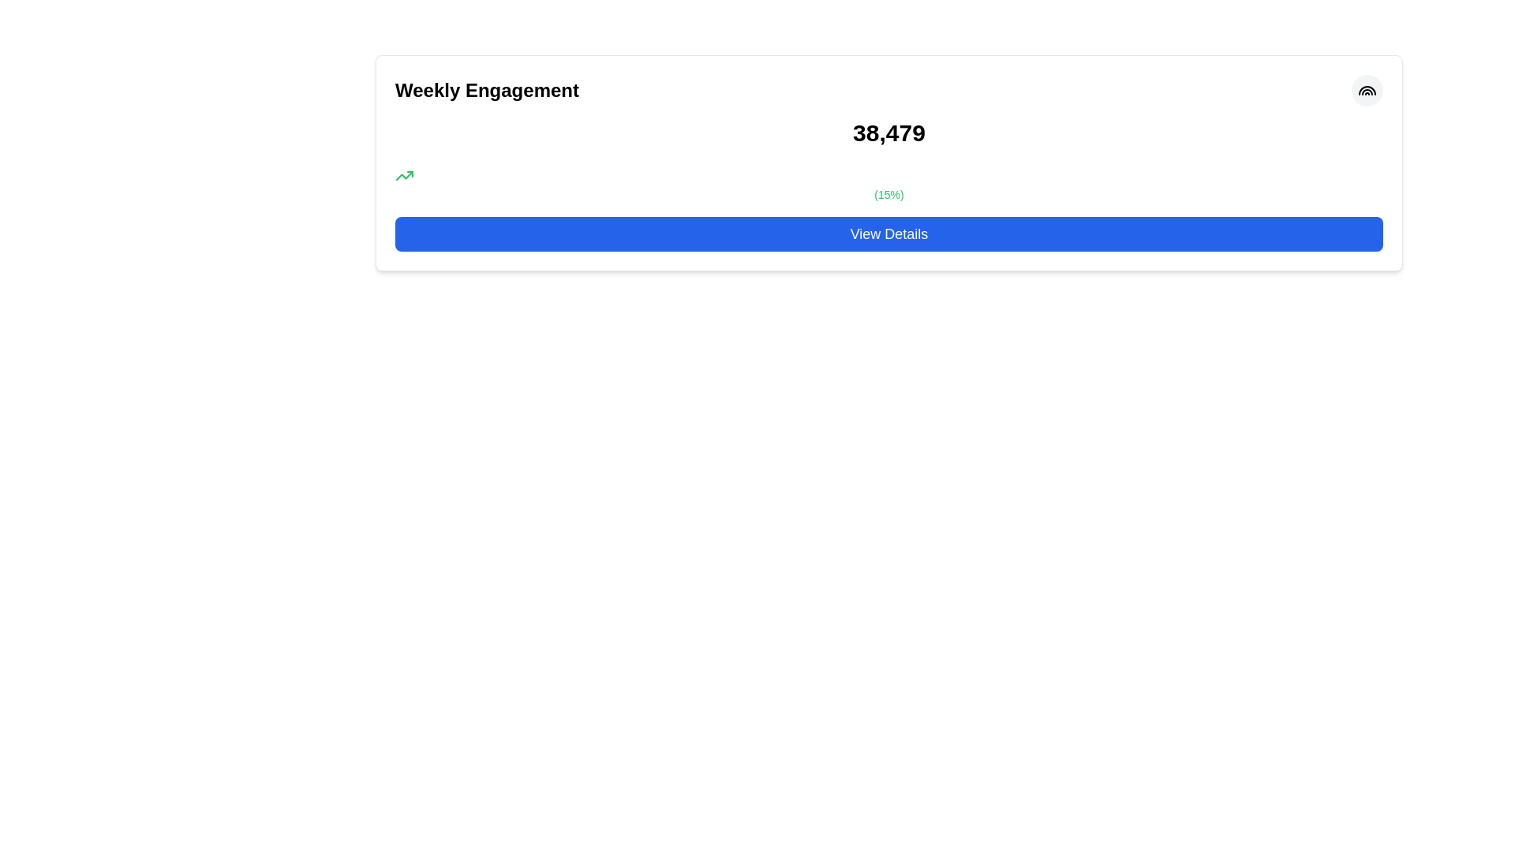 The width and height of the screenshot is (1515, 852). I want to click on the green upward arrow icon representing trending growth statistics located beneath the 'Weekly Engagement' heading, to the left of the '(15%)' text, so click(405, 176).